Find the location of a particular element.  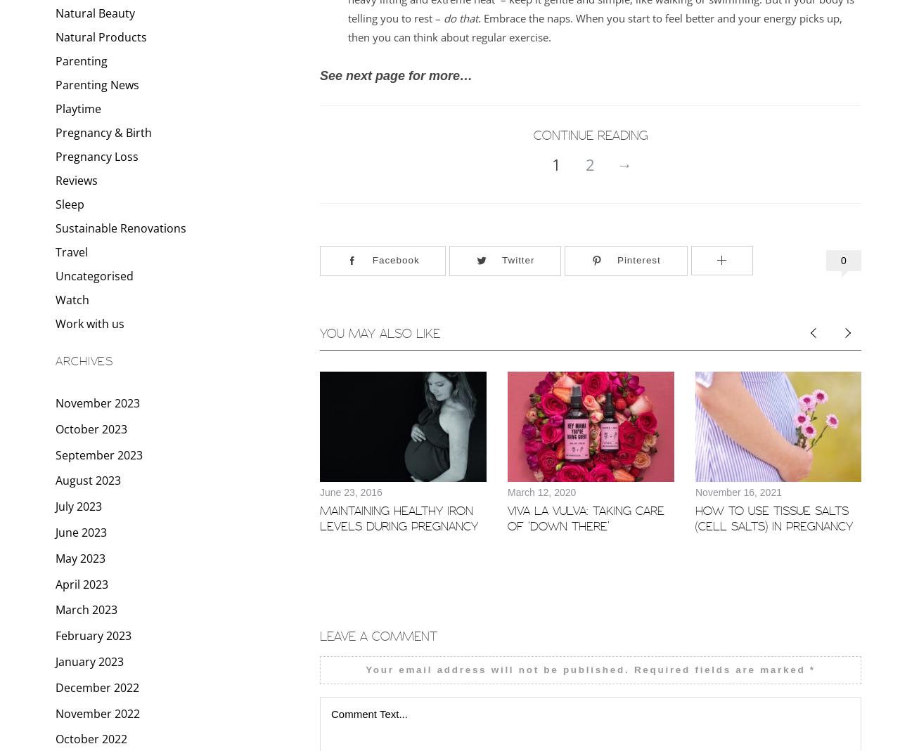

'do that' is located at coordinates (461, 17).